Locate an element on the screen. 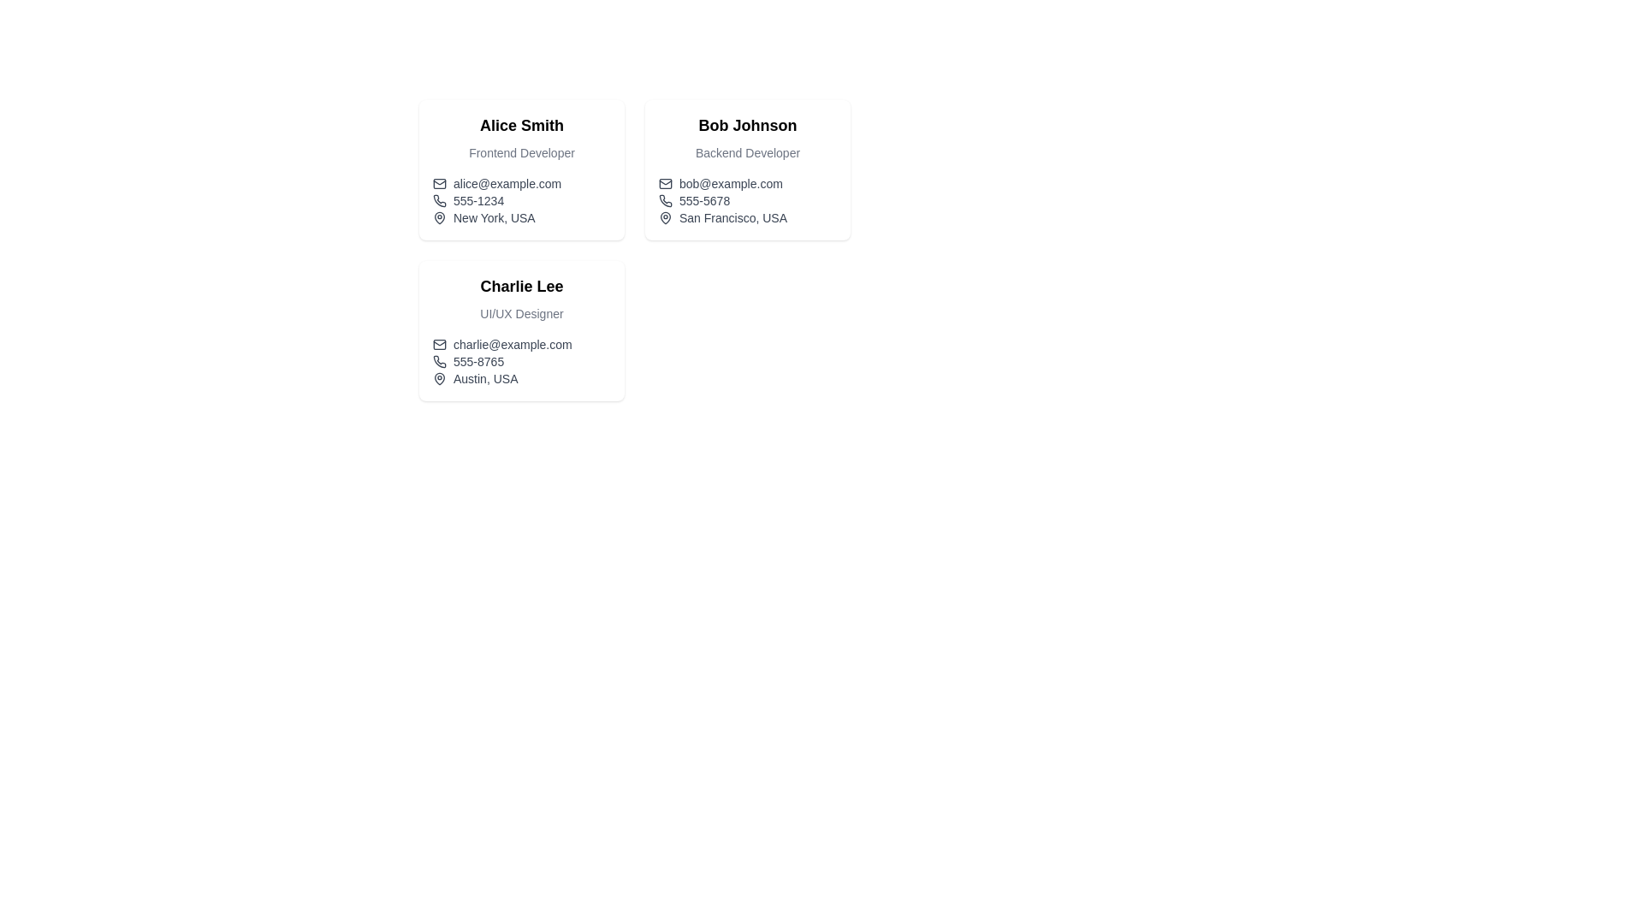  the curved segment of the location pin icon associated with the address 'Austin, USA' in the lower card of the UI interface is located at coordinates (439, 378).